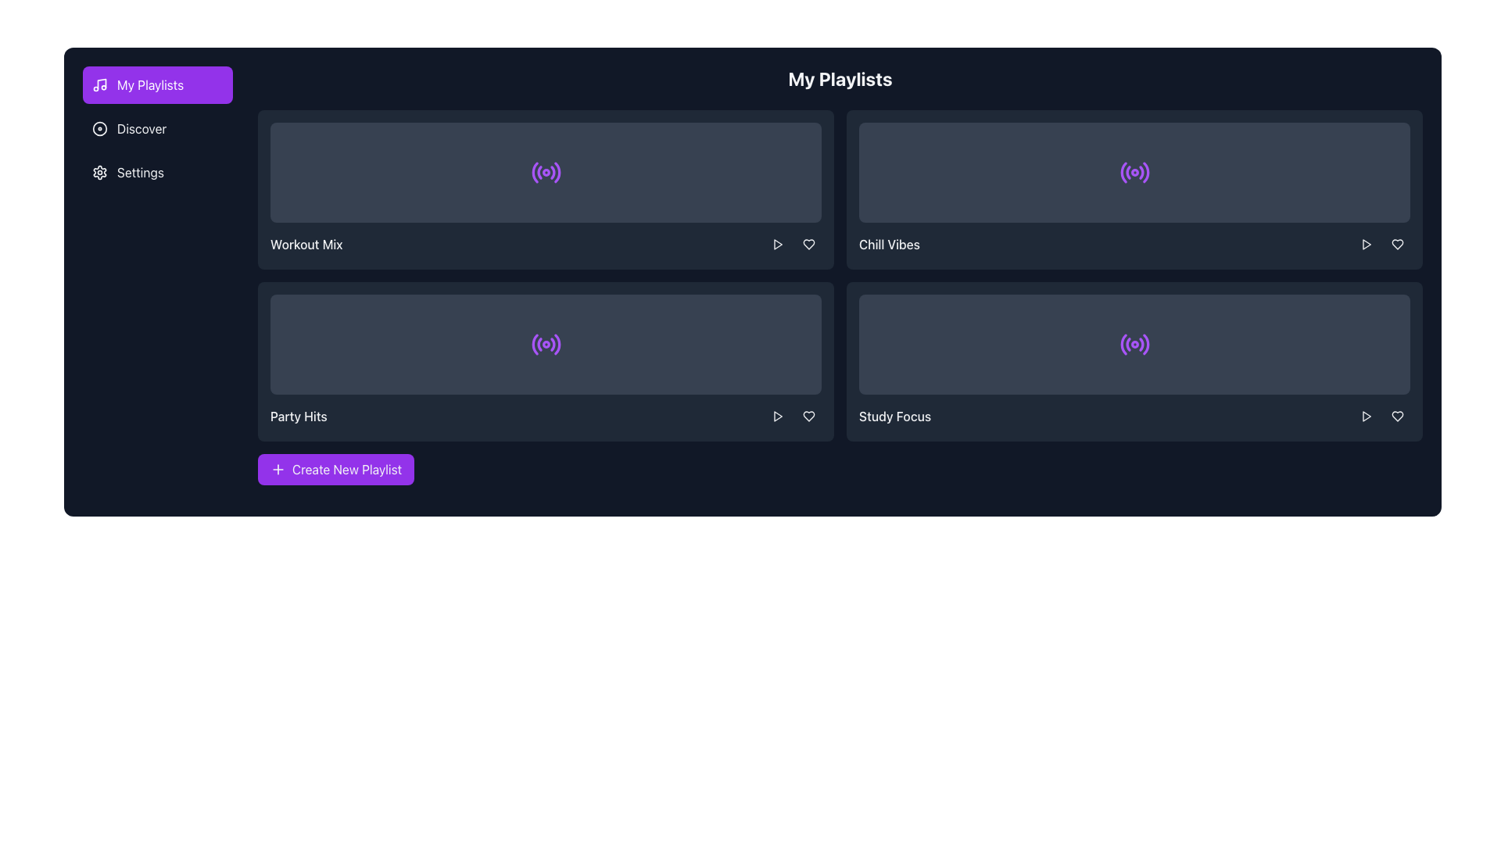 The height and width of the screenshot is (844, 1501). I want to click on the heart icon in the bottom-right corner of the 'Study Focus' playlist card, so click(1398, 415).